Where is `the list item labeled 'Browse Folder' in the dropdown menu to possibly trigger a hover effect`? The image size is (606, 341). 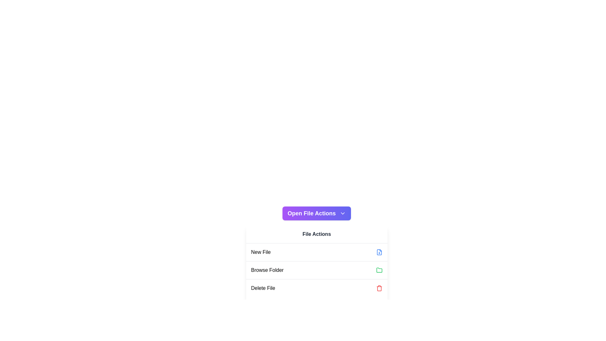
the list item labeled 'Browse Folder' in the dropdown menu to possibly trigger a hover effect is located at coordinates (317, 263).